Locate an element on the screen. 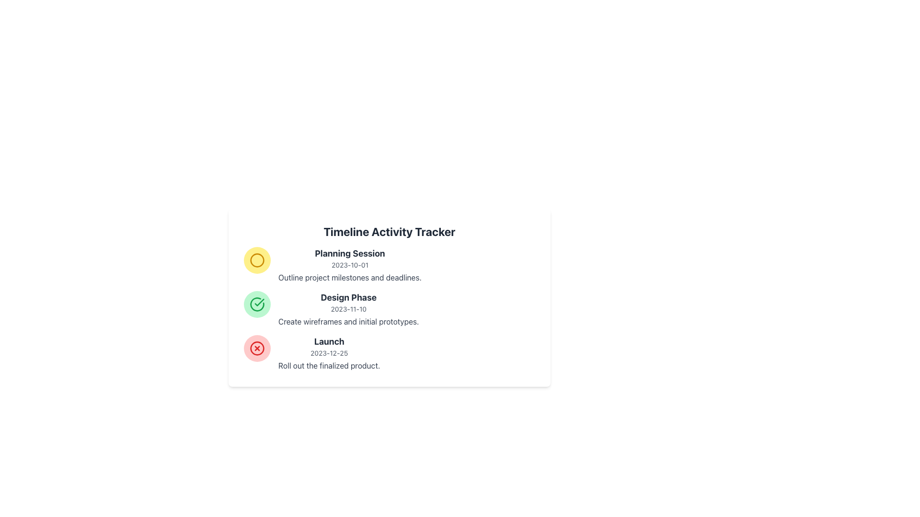  text content of the labeled section or card containing the title 'Launch', the date '2023-12-25', and the description 'Roll out the finalized product.' located in the third item of the vertical timeline display is located at coordinates (329, 353).